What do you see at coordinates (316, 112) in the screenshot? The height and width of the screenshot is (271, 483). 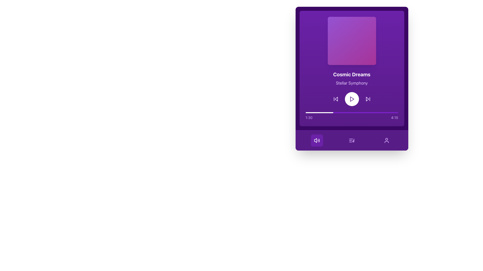 I see `the slider position` at bounding box center [316, 112].